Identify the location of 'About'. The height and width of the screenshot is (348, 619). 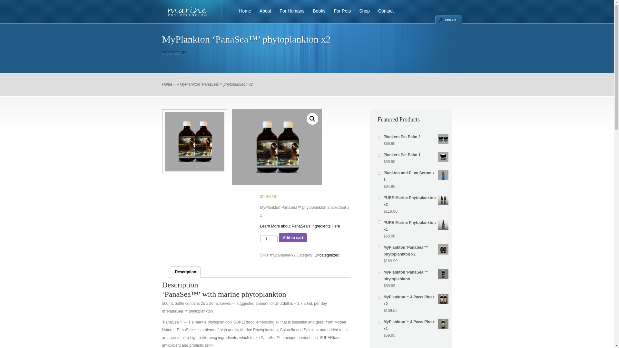
(263, 15).